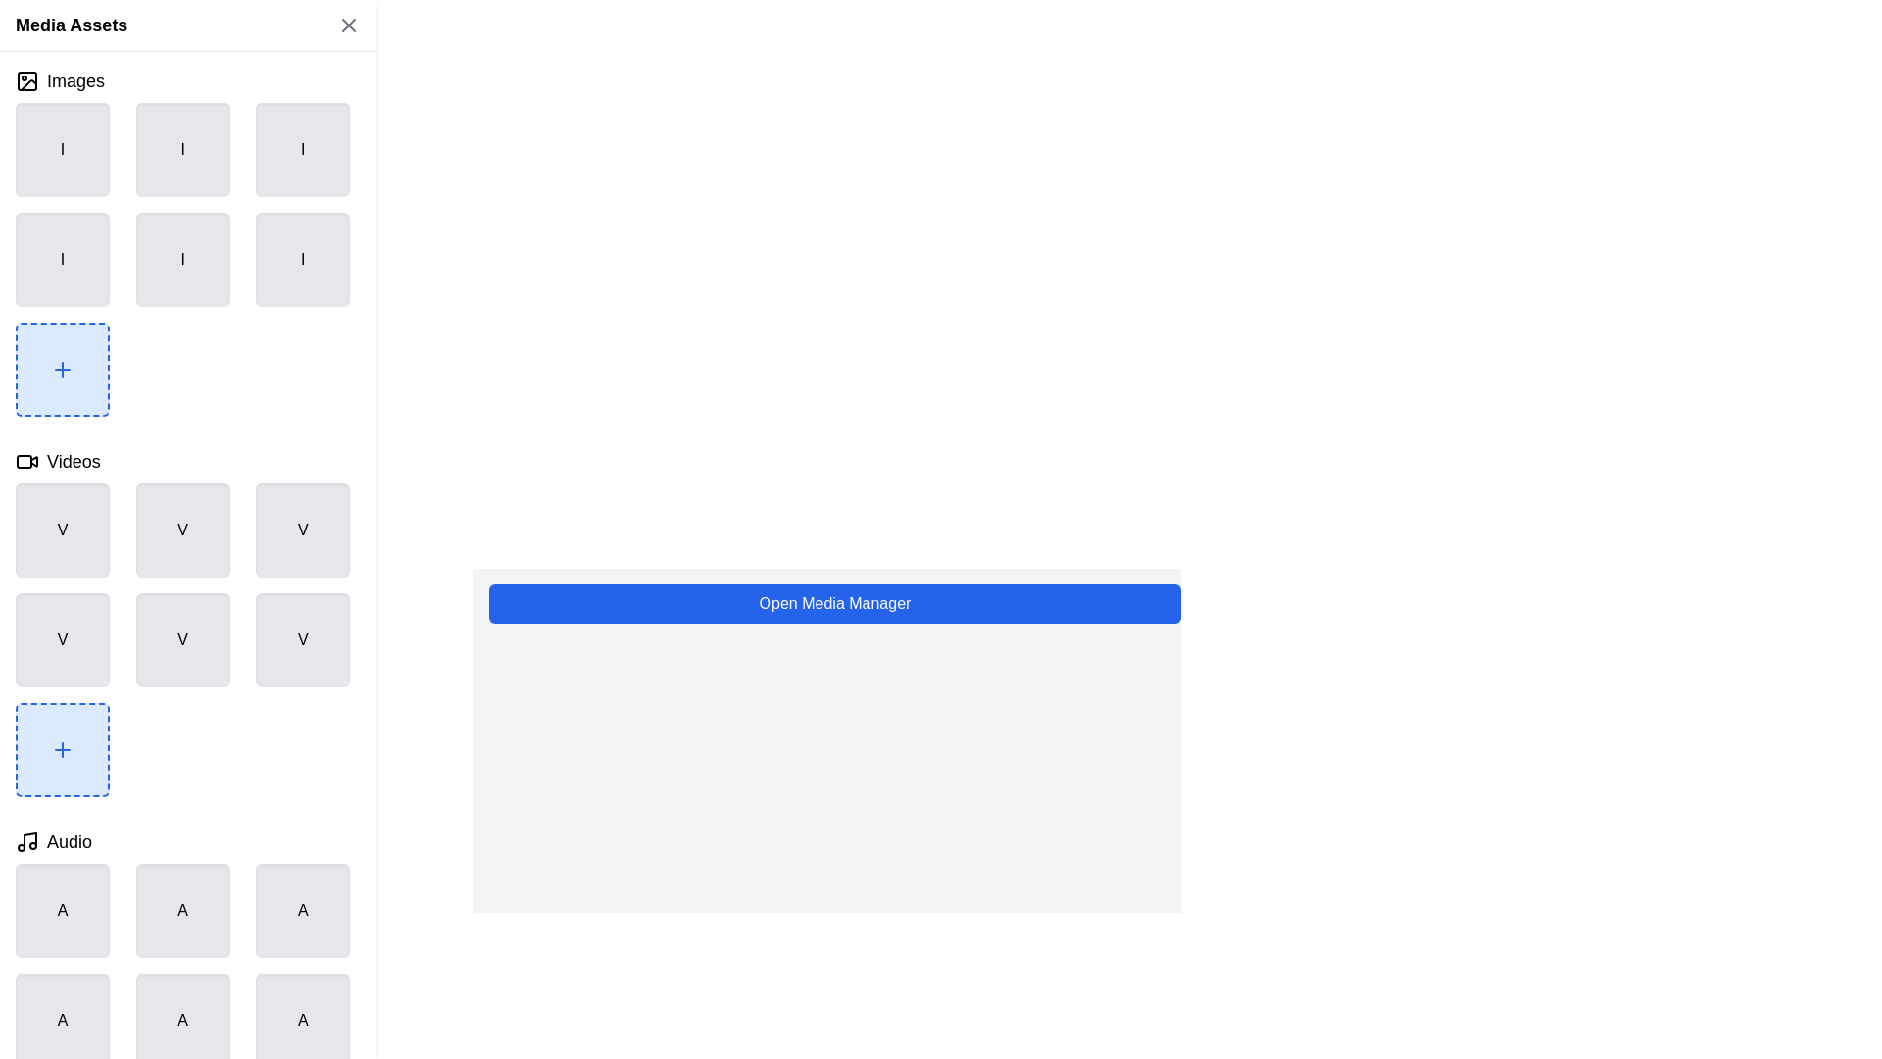 The image size is (1882, 1059). What do you see at coordinates (302, 259) in the screenshot?
I see `the content of the square-shaped visual placeholder with a light gray background and a bold black letter 'I', located in the third column of the second row under the 'Images' section of the sidebar` at bounding box center [302, 259].